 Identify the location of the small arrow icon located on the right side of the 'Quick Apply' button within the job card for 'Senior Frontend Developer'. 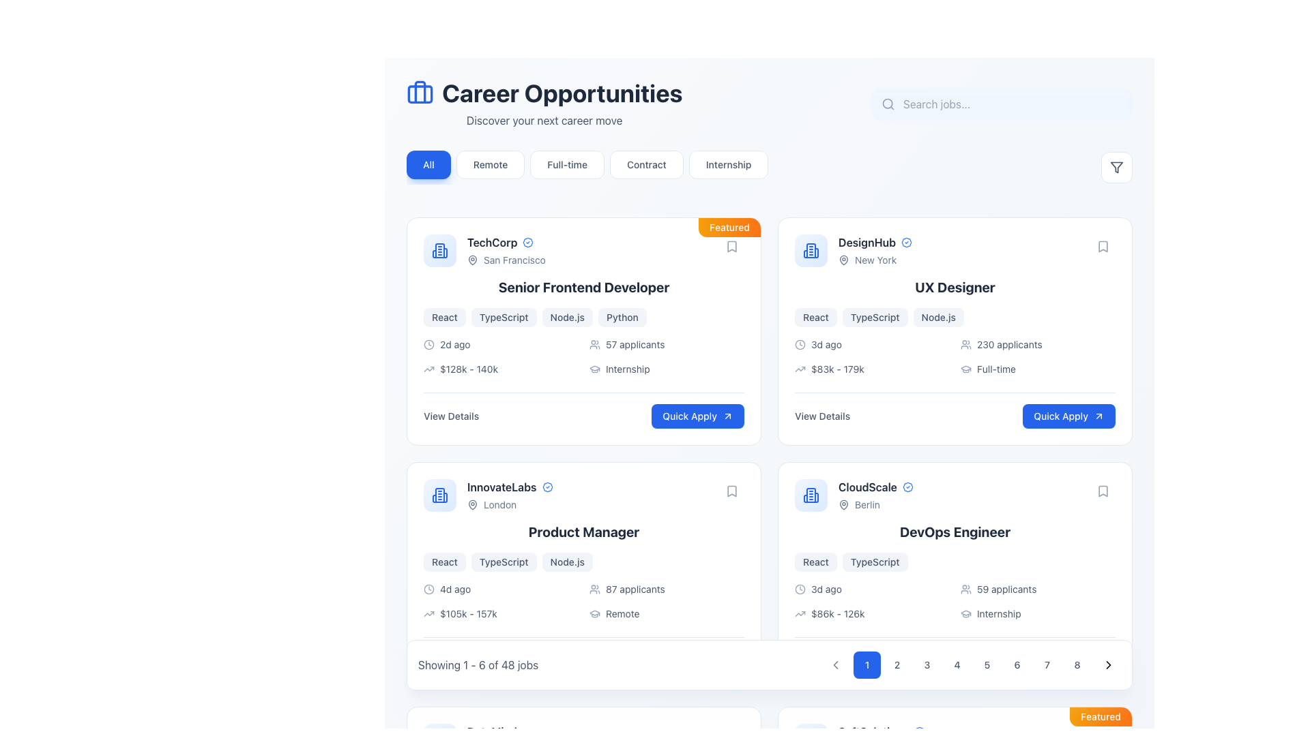
(727, 415).